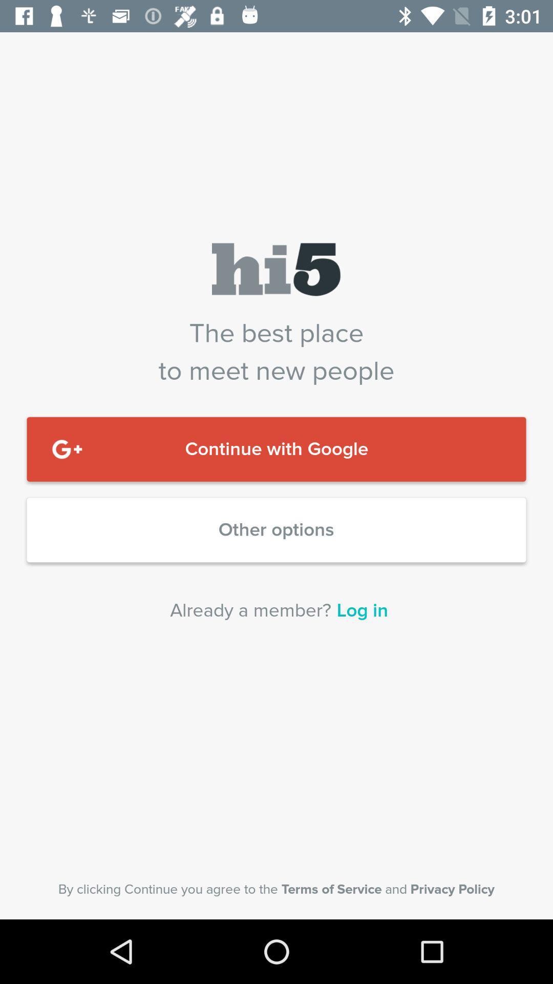 This screenshot has height=984, width=553. Describe the element at coordinates (276, 889) in the screenshot. I see `by clicking continue icon` at that location.